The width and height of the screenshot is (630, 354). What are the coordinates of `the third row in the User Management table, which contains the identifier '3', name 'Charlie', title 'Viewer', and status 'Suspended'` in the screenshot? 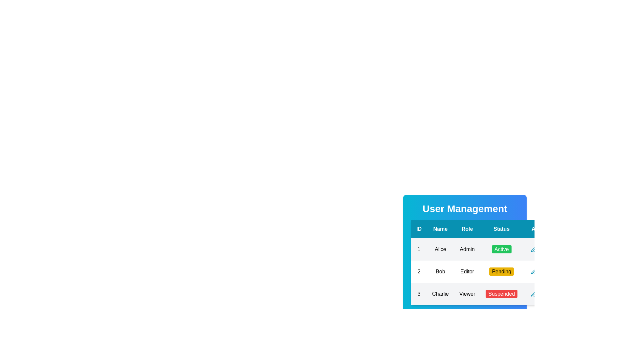 It's located at (485, 294).